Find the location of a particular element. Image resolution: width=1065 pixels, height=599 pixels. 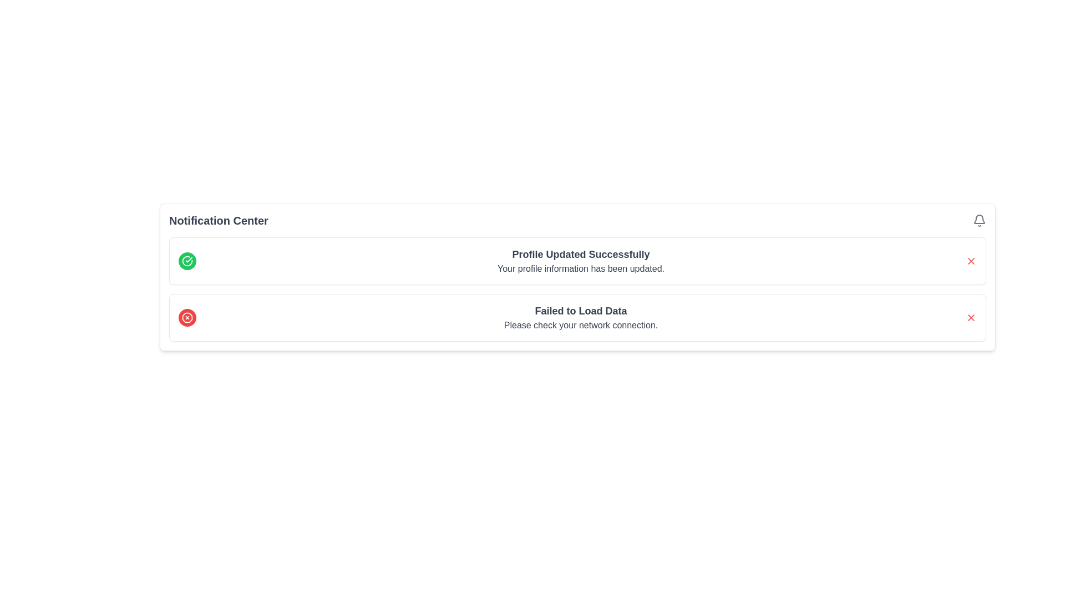

the textual notification that displays 'Failed to Load Data' and 'Please check your network connection.' is located at coordinates (580, 318).